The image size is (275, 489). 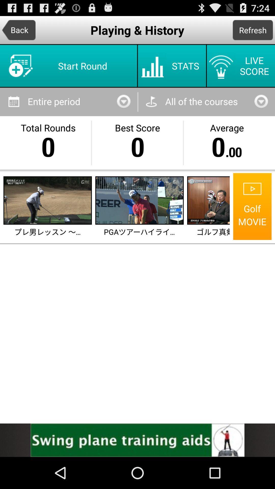 I want to click on click on the photo, so click(x=209, y=200).